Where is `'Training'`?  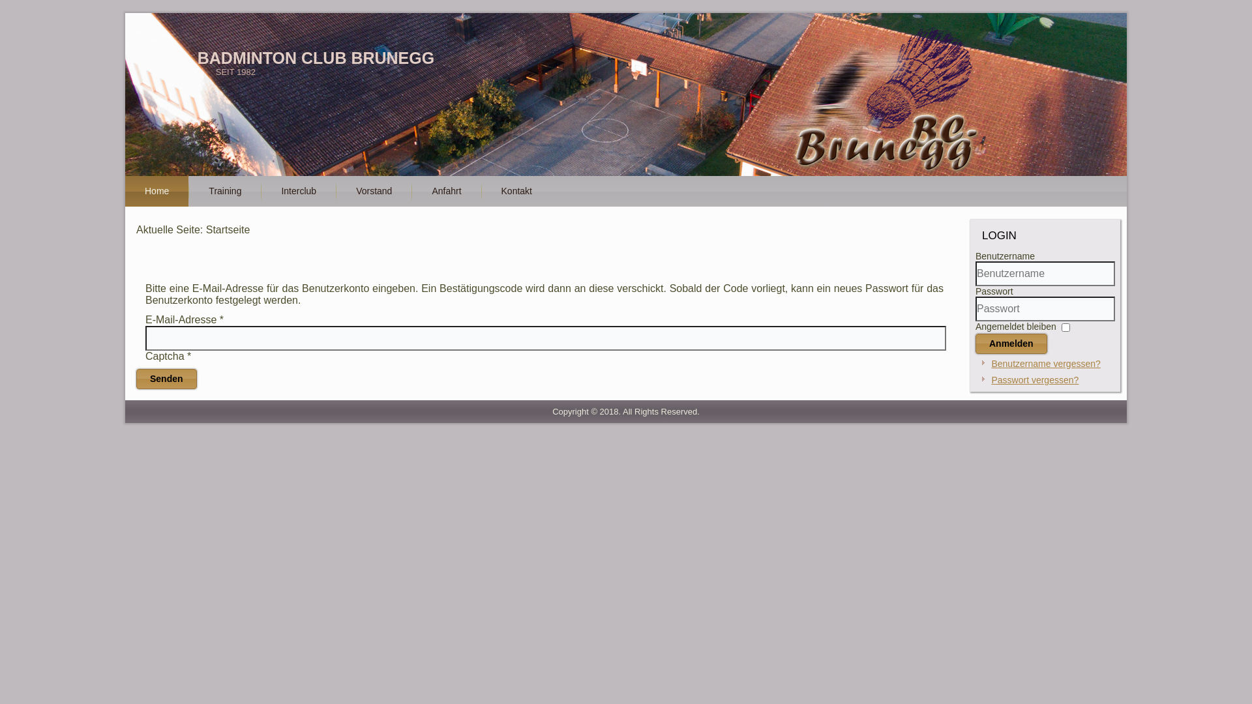
'Training' is located at coordinates (188, 191).